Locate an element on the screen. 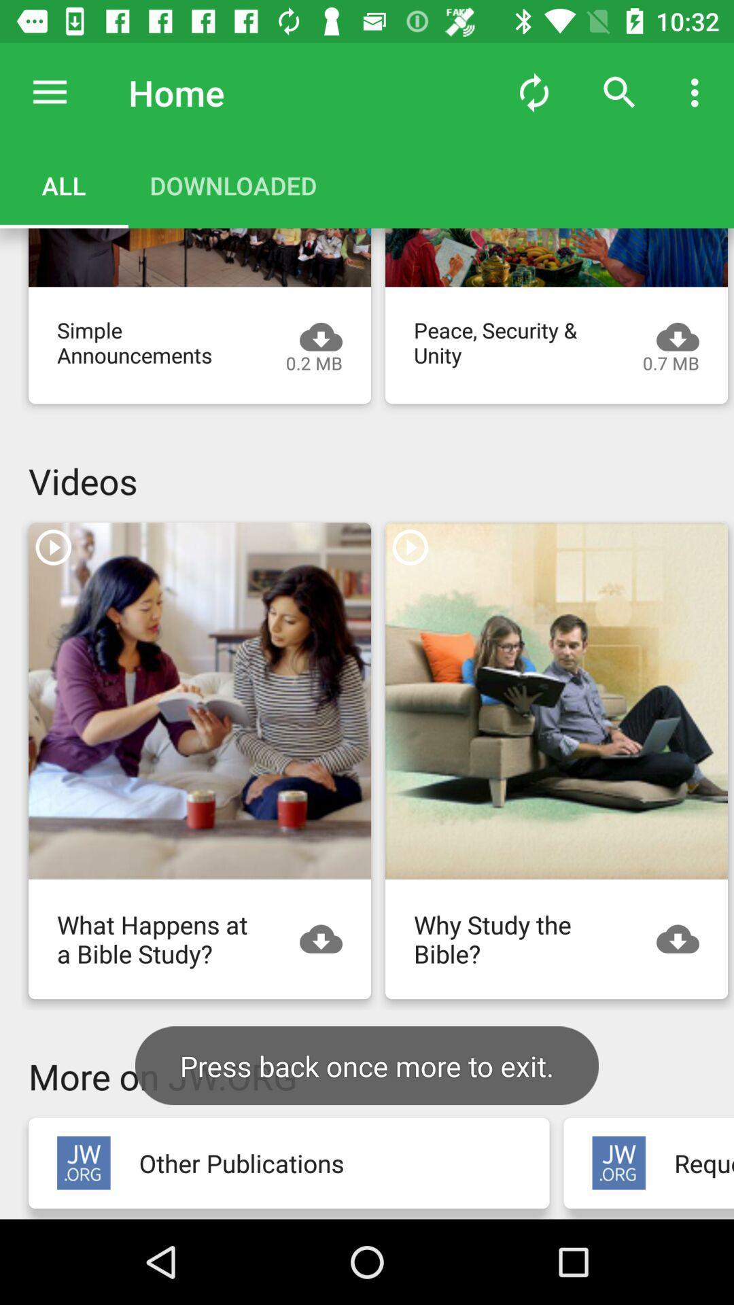 This screenshot has width=734, height=1305. advertisement is located at coordinates (556, 701).